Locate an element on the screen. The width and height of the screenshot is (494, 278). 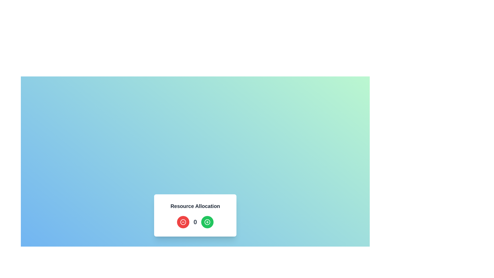
the value of the numeric display labeled '0', which is styled in a bold gray font and positioned centrally between a red minus button and a green plus button within the 'Resource Allocation' card is located at coordinates (195, 222).